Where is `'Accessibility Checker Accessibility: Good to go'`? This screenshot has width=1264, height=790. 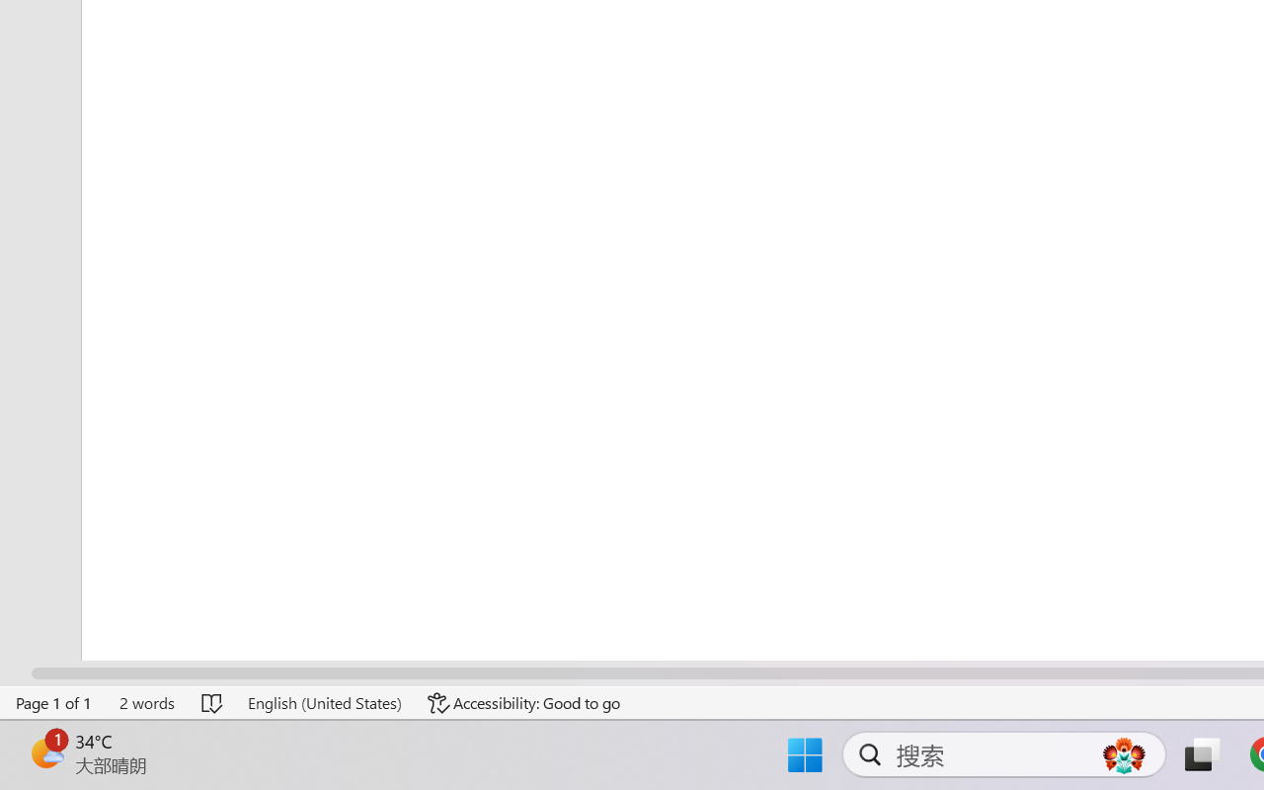
'Accessibility Checker Accessibility: Good to go' is located at coordinates (524, 702).